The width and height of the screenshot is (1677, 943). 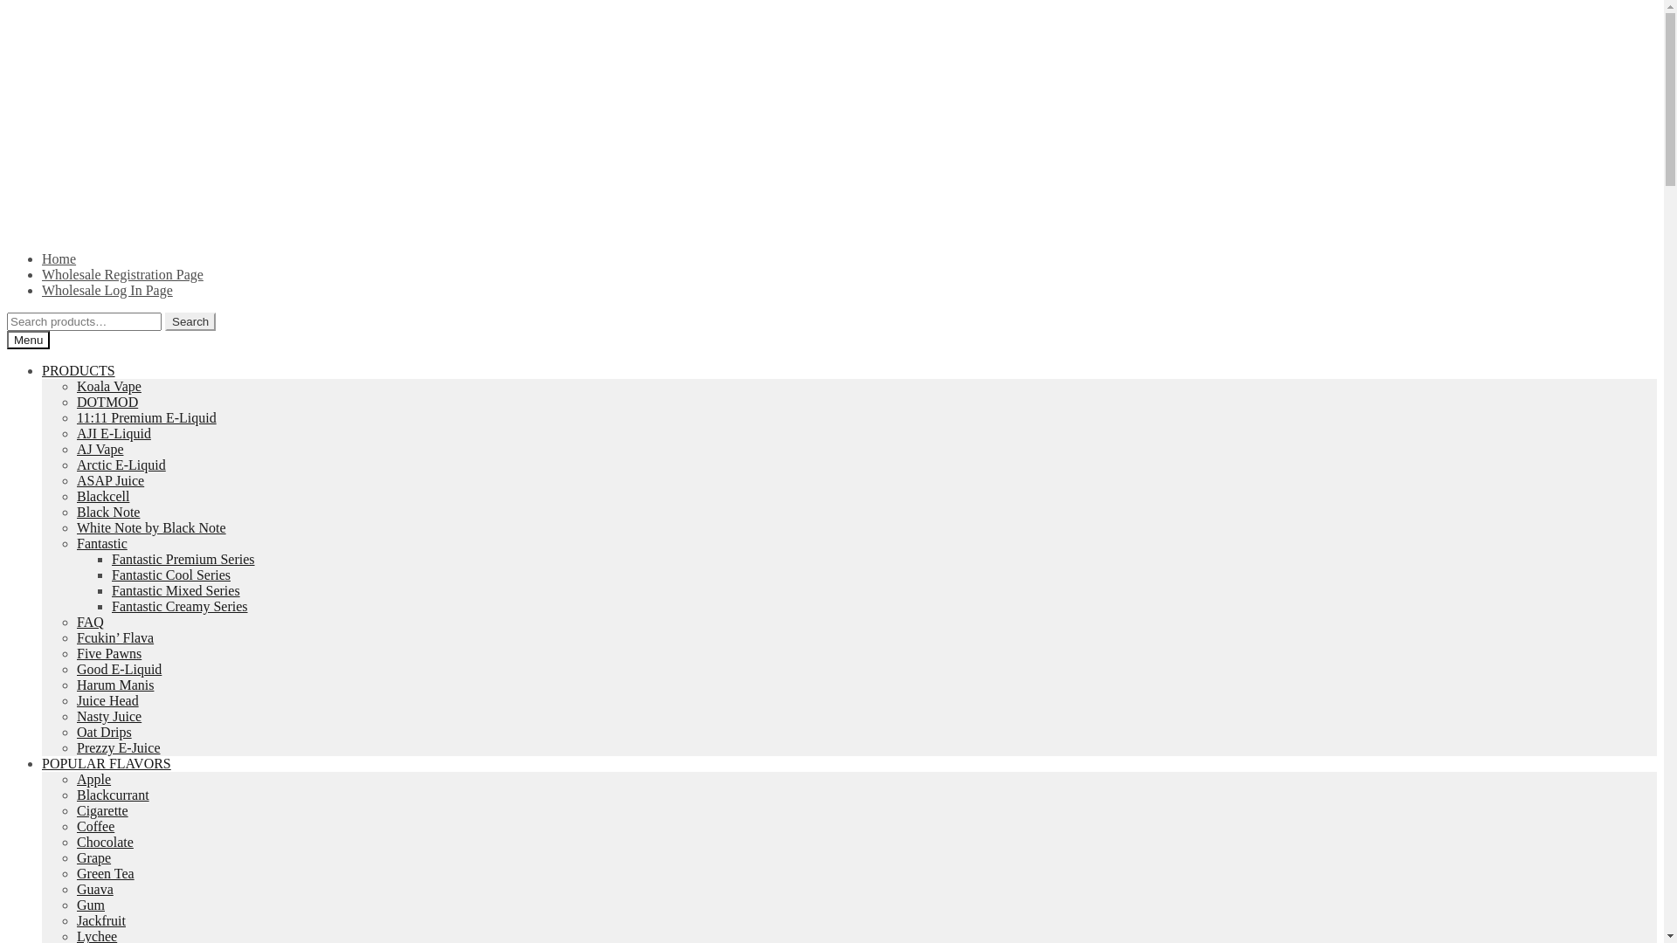 I want to click on 'PRODUCTS', so click(x=78, y=369).